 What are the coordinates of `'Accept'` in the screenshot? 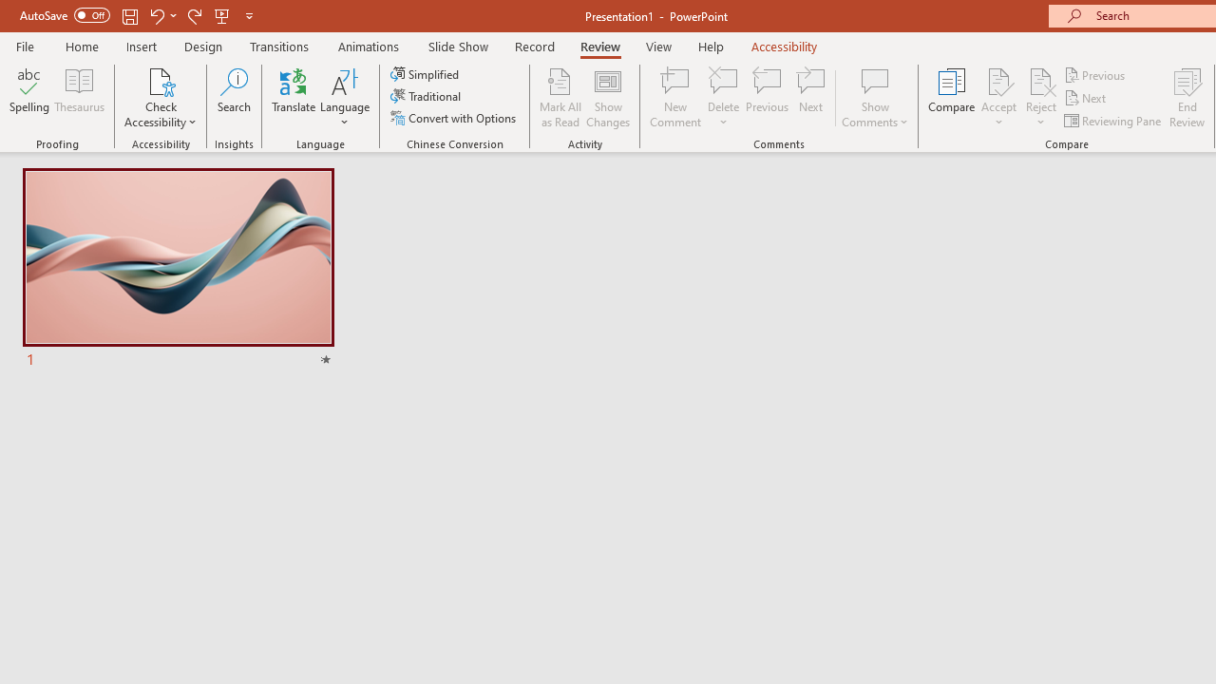 It's located at (997, 98).